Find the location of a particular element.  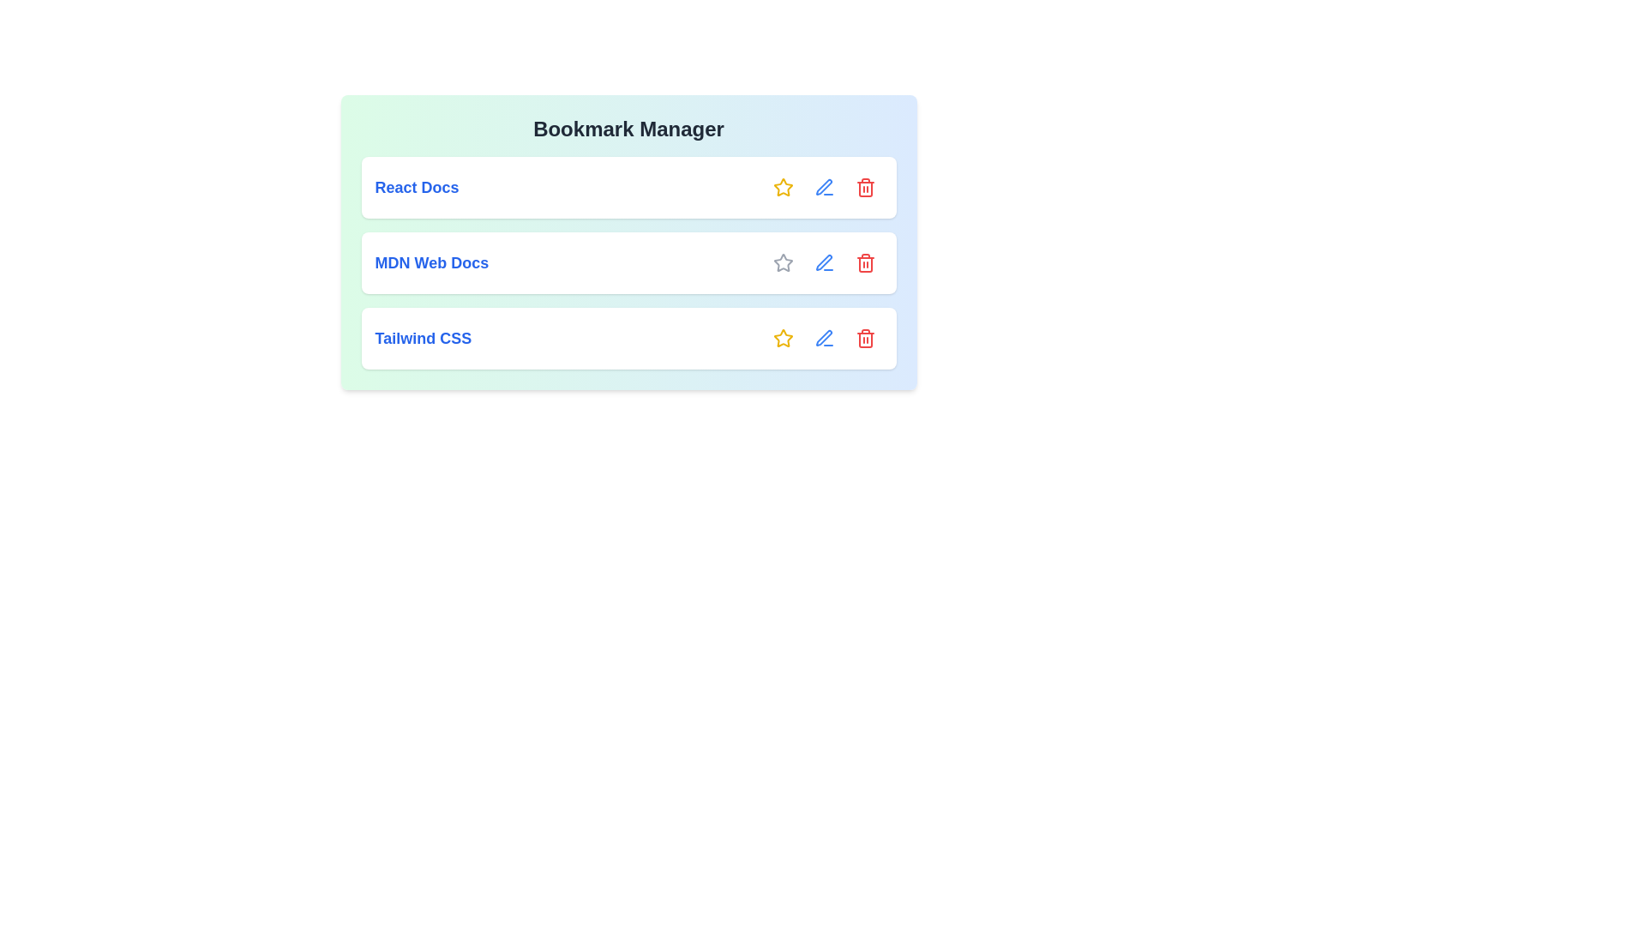

the edit icon for the bookmark with name Tailwind CSS is located at coordinates (824, 338).